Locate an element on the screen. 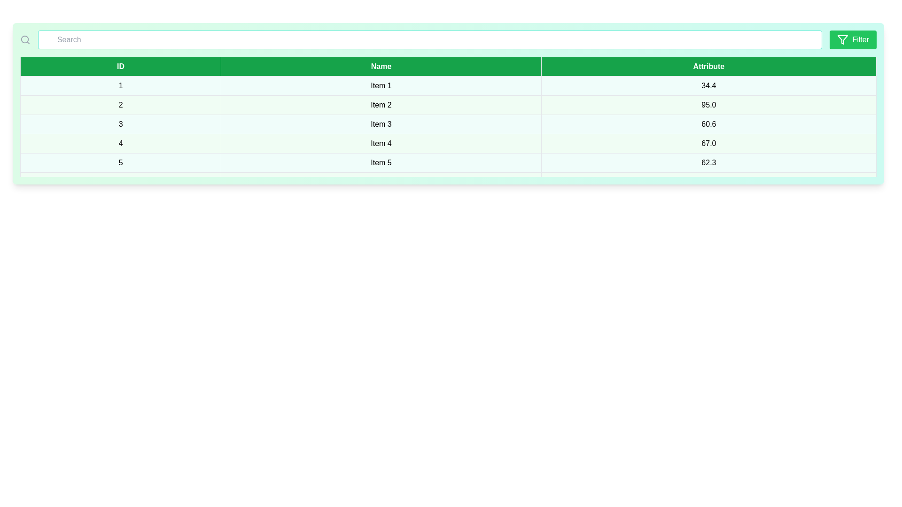  filter button to apply the filter is located at coordinates (853, 39).